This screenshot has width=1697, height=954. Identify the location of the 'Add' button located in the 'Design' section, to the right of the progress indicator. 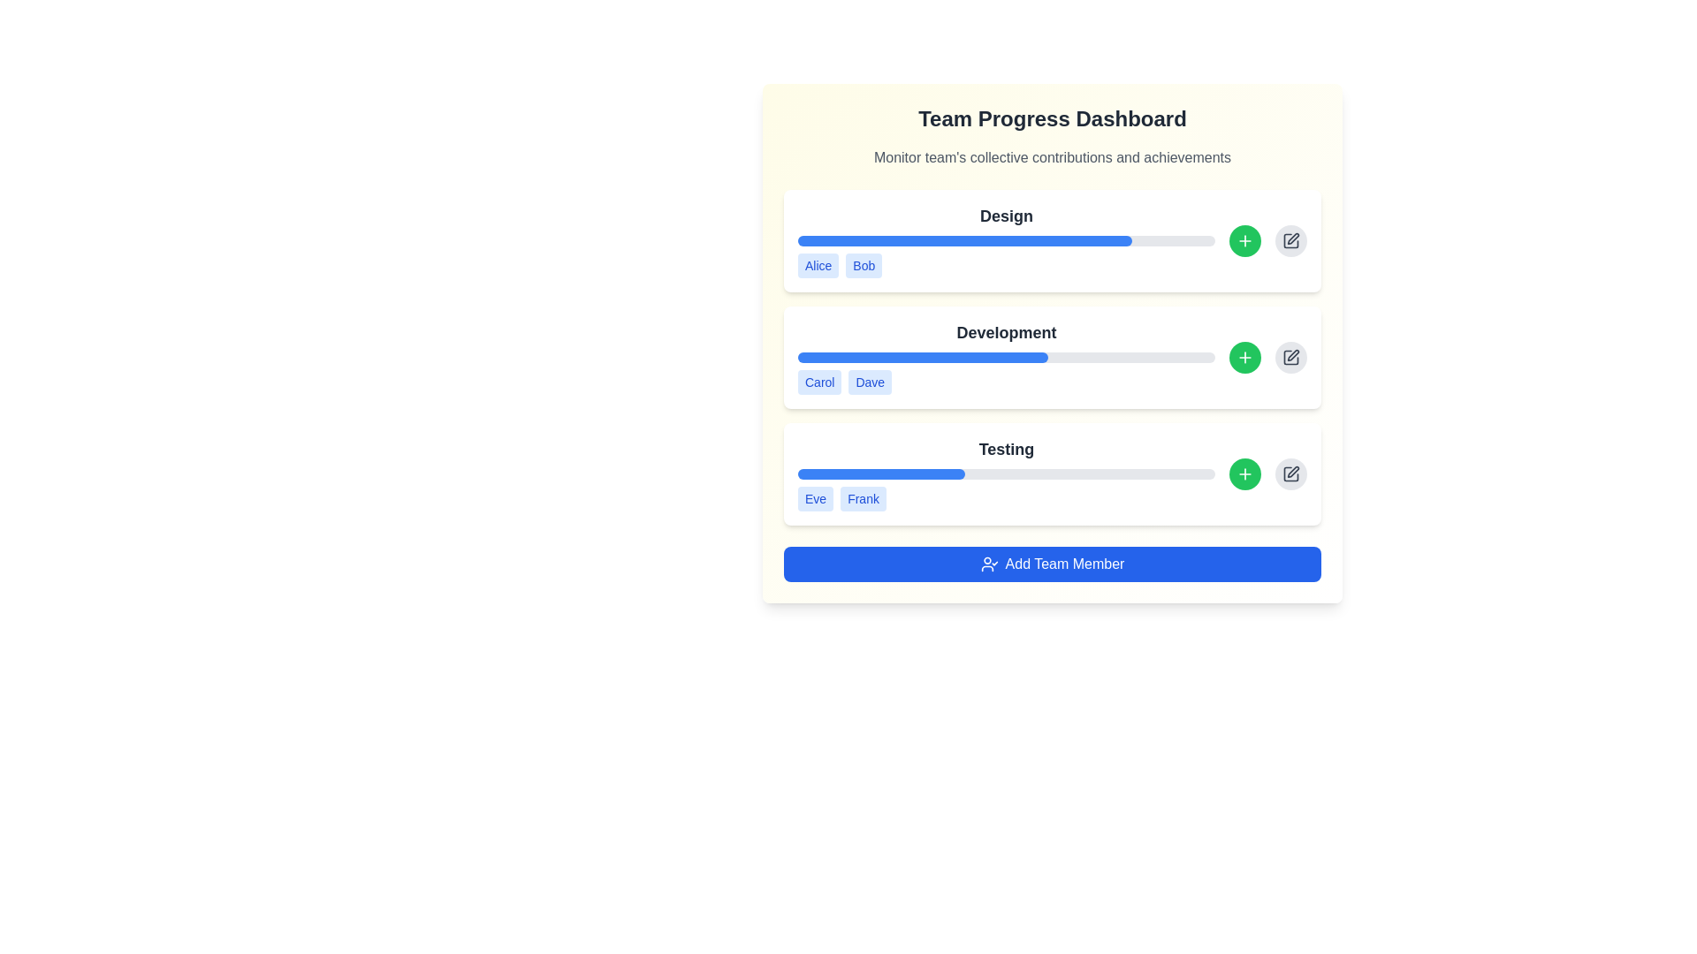
(1244, 241).